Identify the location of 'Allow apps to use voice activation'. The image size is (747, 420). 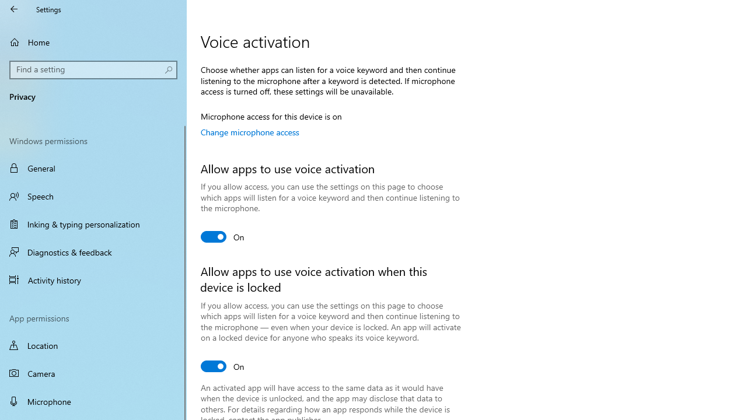
(223, 236).